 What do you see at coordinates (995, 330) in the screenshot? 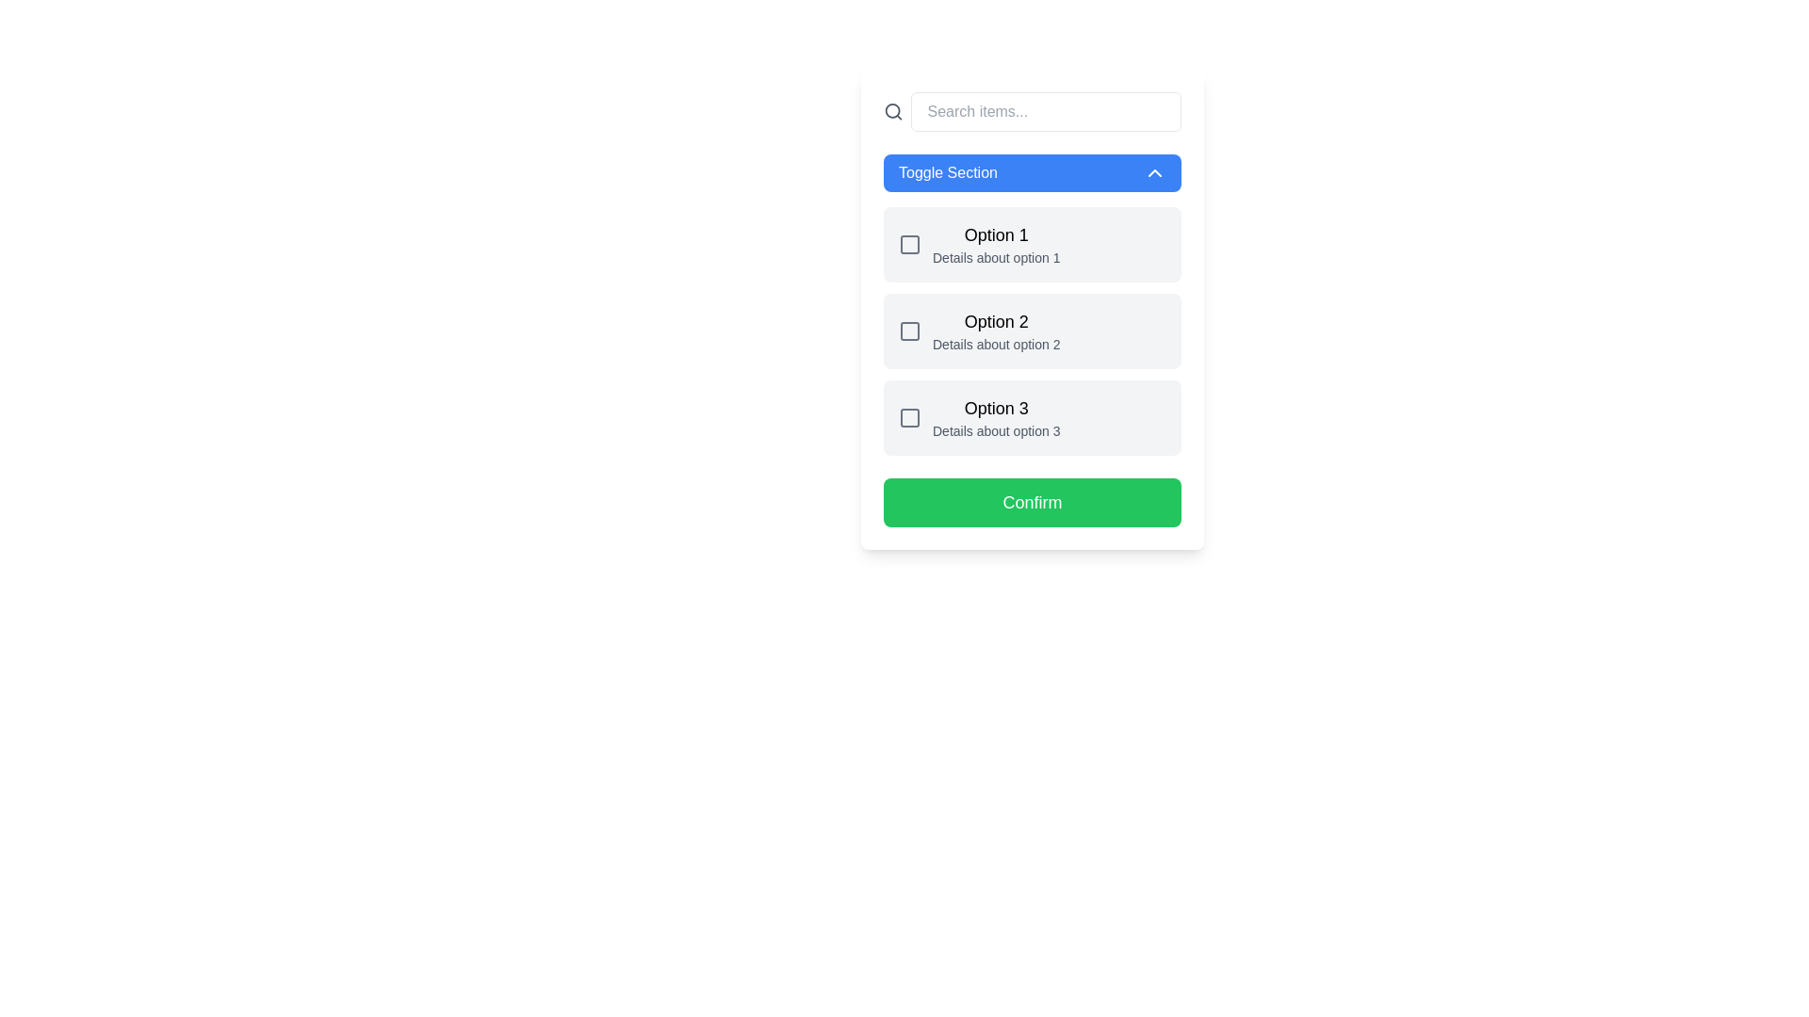
I see `the second option in the list, which is a non-interactive Text display with title and subtitle, positioned below 'Option 1' and above 'Option 3'` at bounding box center [995, 330].